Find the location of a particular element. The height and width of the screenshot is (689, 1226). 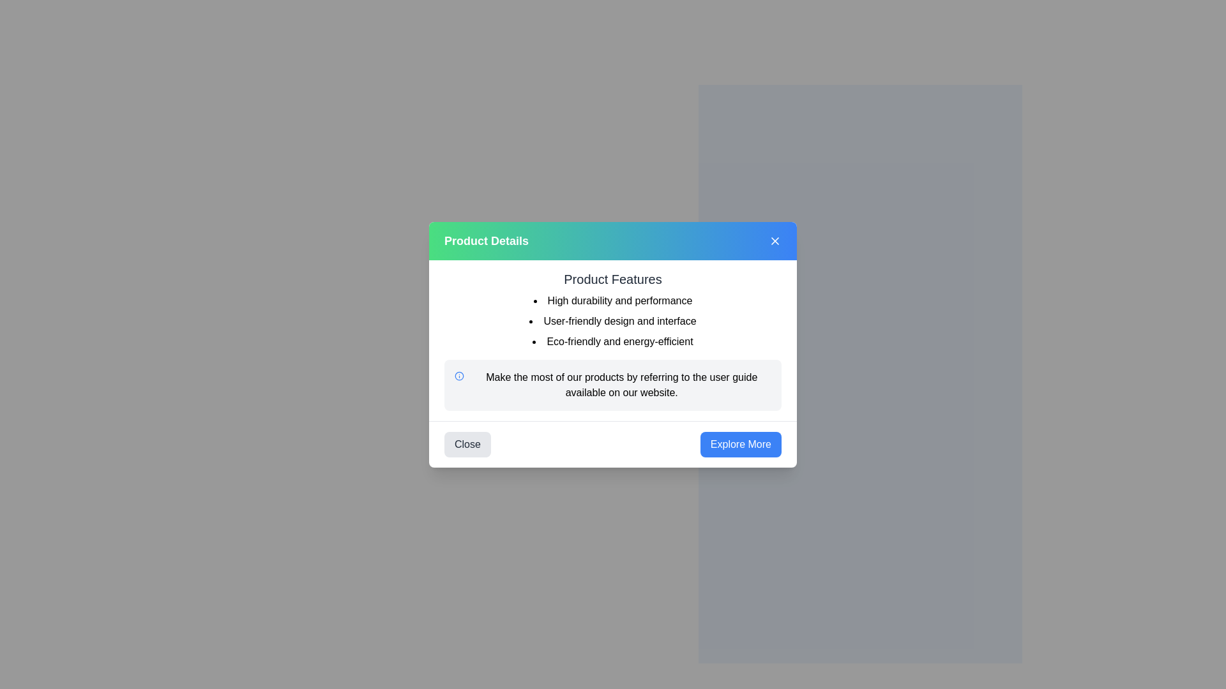

the iconographic information symbol located to the left of the text 'Make the most of our products by referring to the user guide available on our website.' for additional interactions is located at coordinates (459, 375).